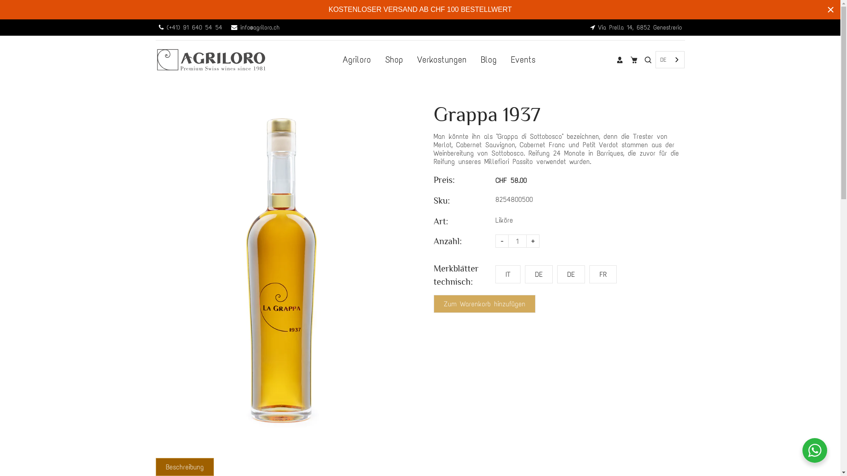 This screenshot has width=847, height=476. What do you see at coordinates (442, 59) in the screenshot?
I see `'Verkostungen'` at bounding box center [442, 59].